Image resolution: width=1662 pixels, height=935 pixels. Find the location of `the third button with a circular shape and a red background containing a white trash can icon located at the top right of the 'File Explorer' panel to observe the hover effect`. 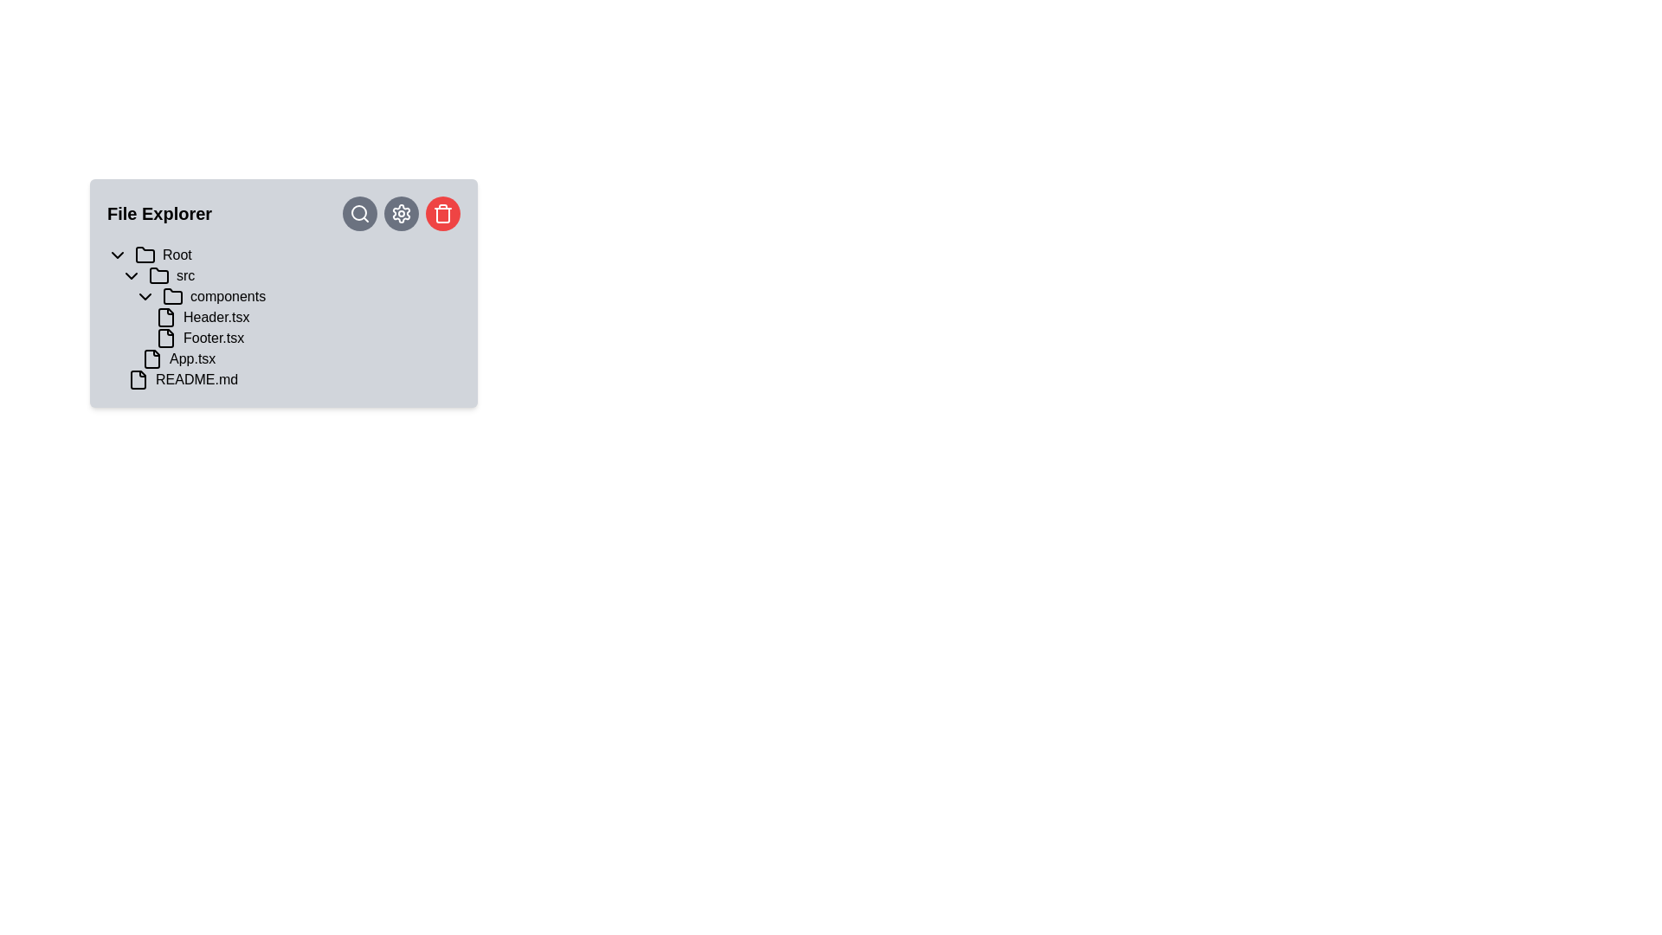

the third button with a circular shape and a red background containing a white trash can icon located at the top right of the 'File Explorer' panel to observe the hover effect is located at coordinates (443, 212).